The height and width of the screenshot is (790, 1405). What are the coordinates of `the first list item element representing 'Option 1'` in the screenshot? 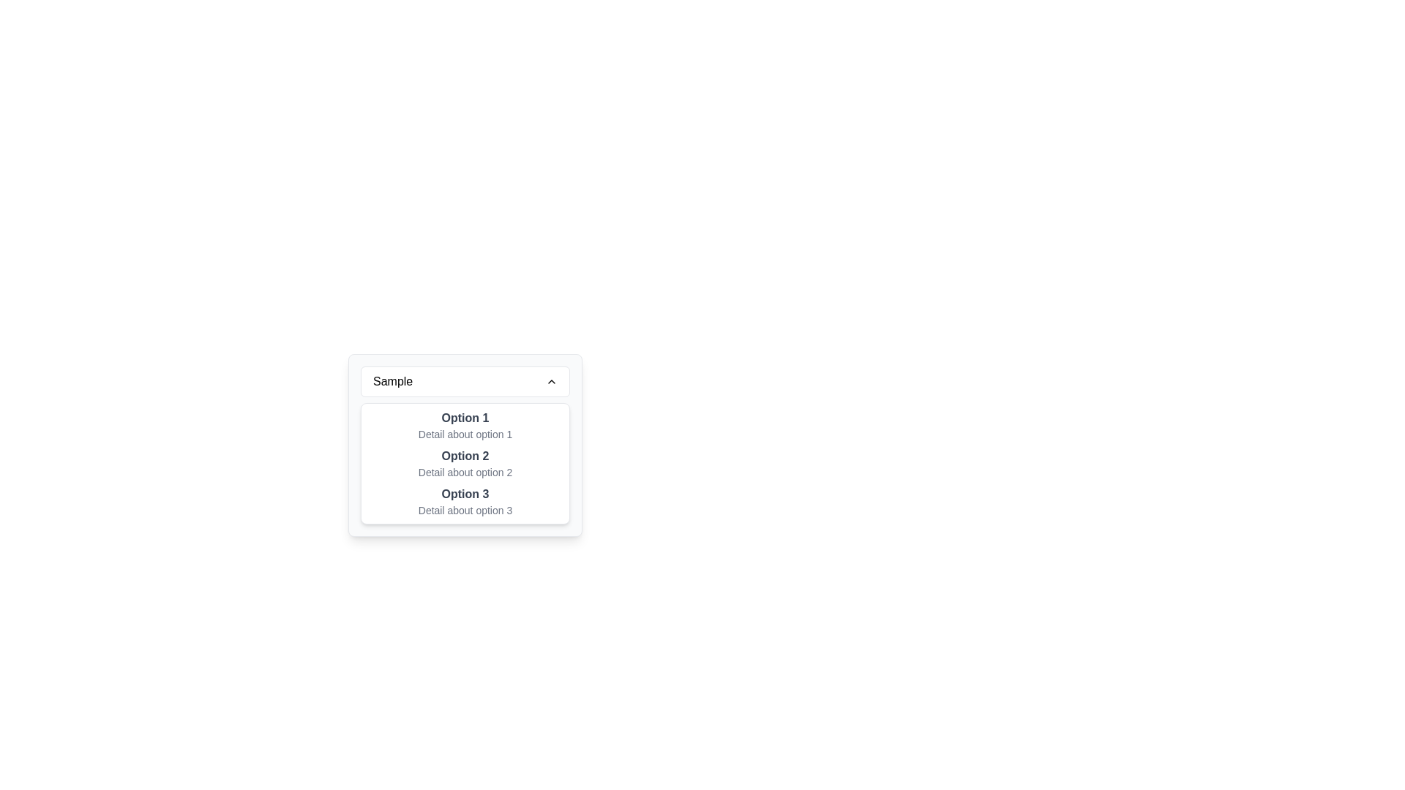 It's located at (464, 426).